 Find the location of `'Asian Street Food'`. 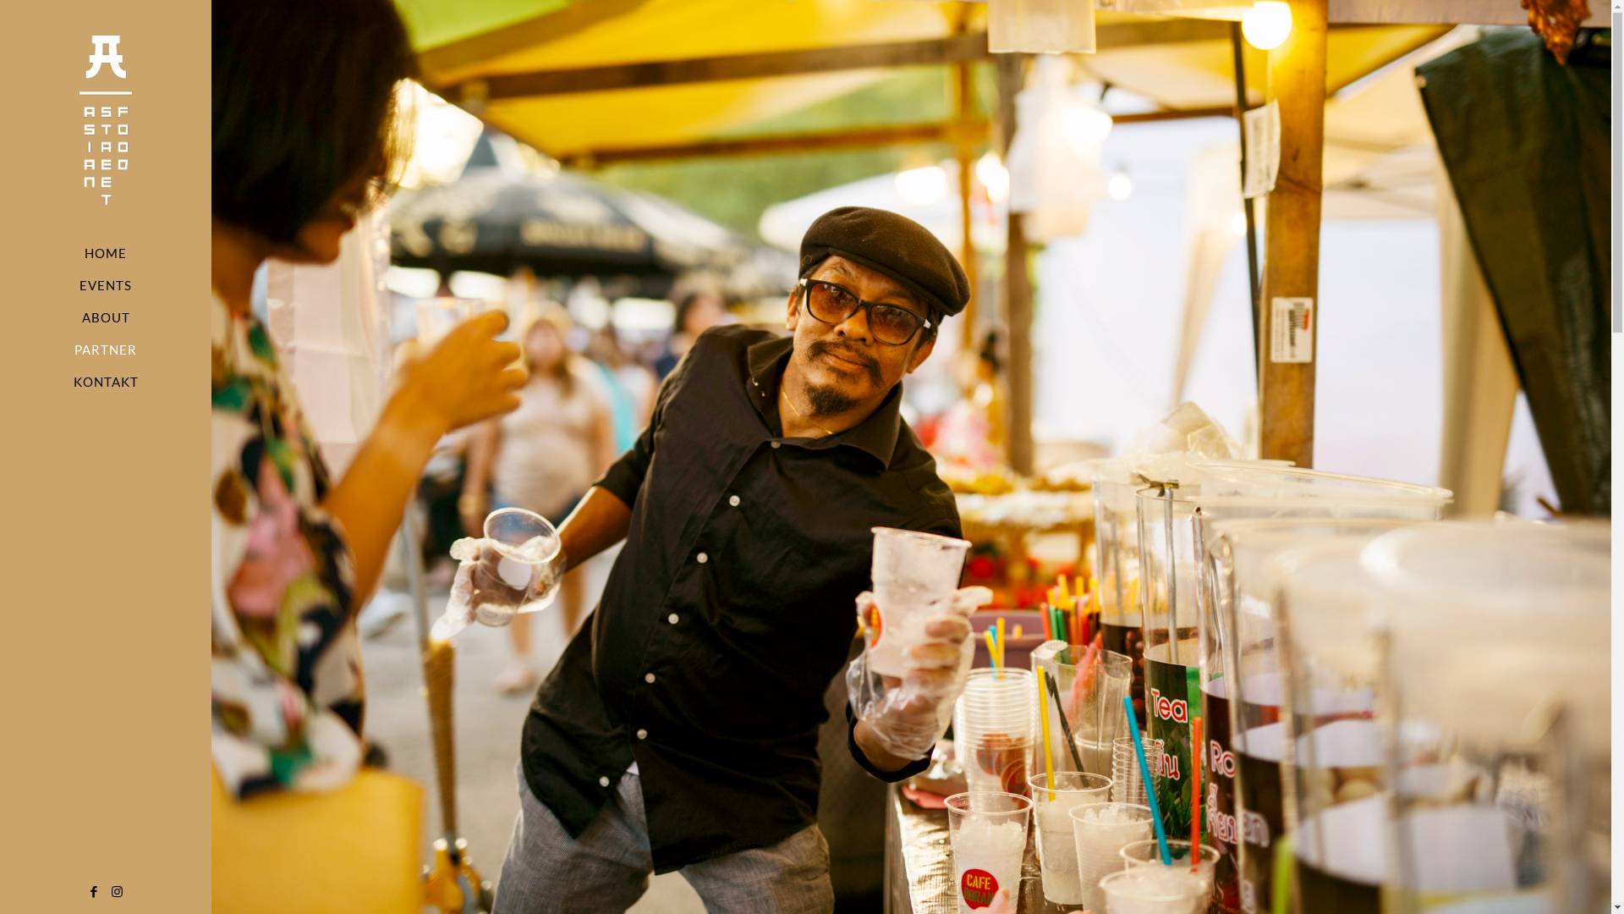

'Asian Street Food' is located at coordinates (0, 117).